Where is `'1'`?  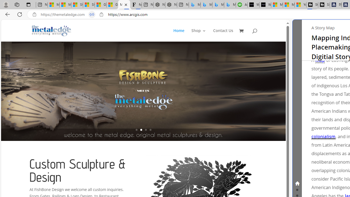 '1' is located at coordinates (136, 130).